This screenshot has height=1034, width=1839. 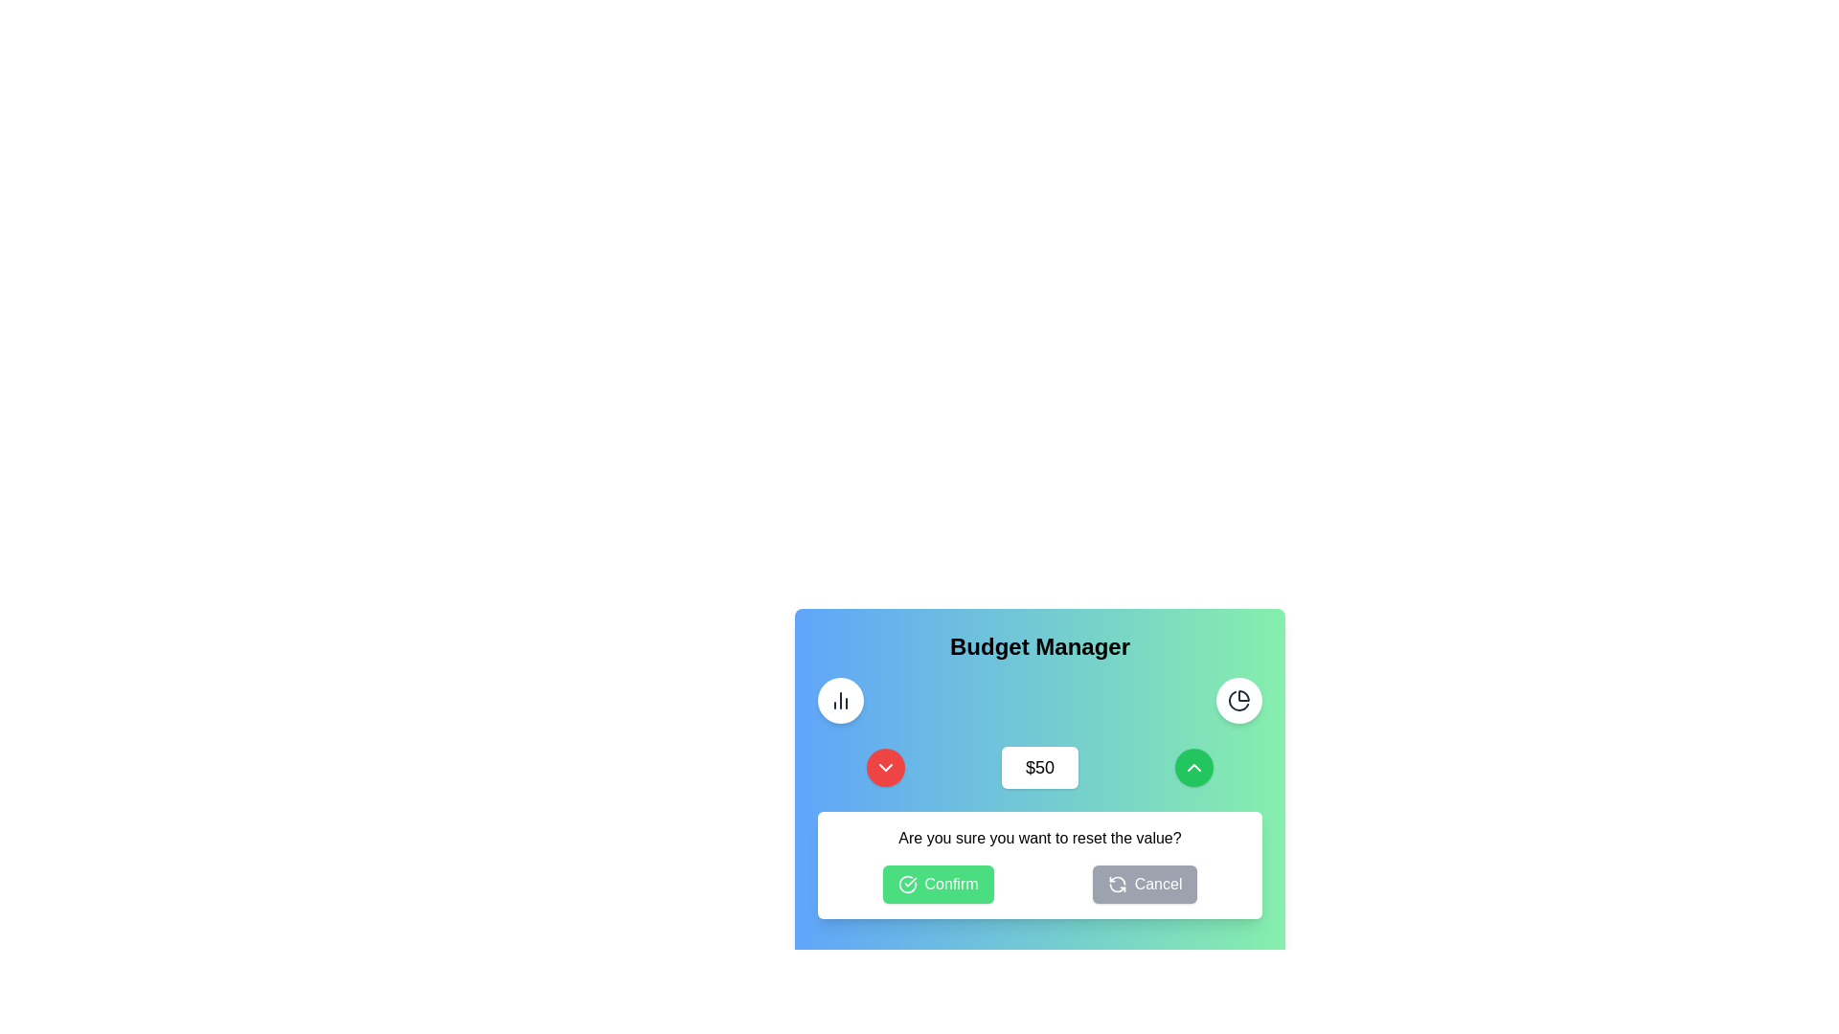 What do you see at coordinates (1193, 767) in the screenshot?
I see `the small circular green button with a white upward-pointing chevron icon located` at bounding box center [1193, 767].